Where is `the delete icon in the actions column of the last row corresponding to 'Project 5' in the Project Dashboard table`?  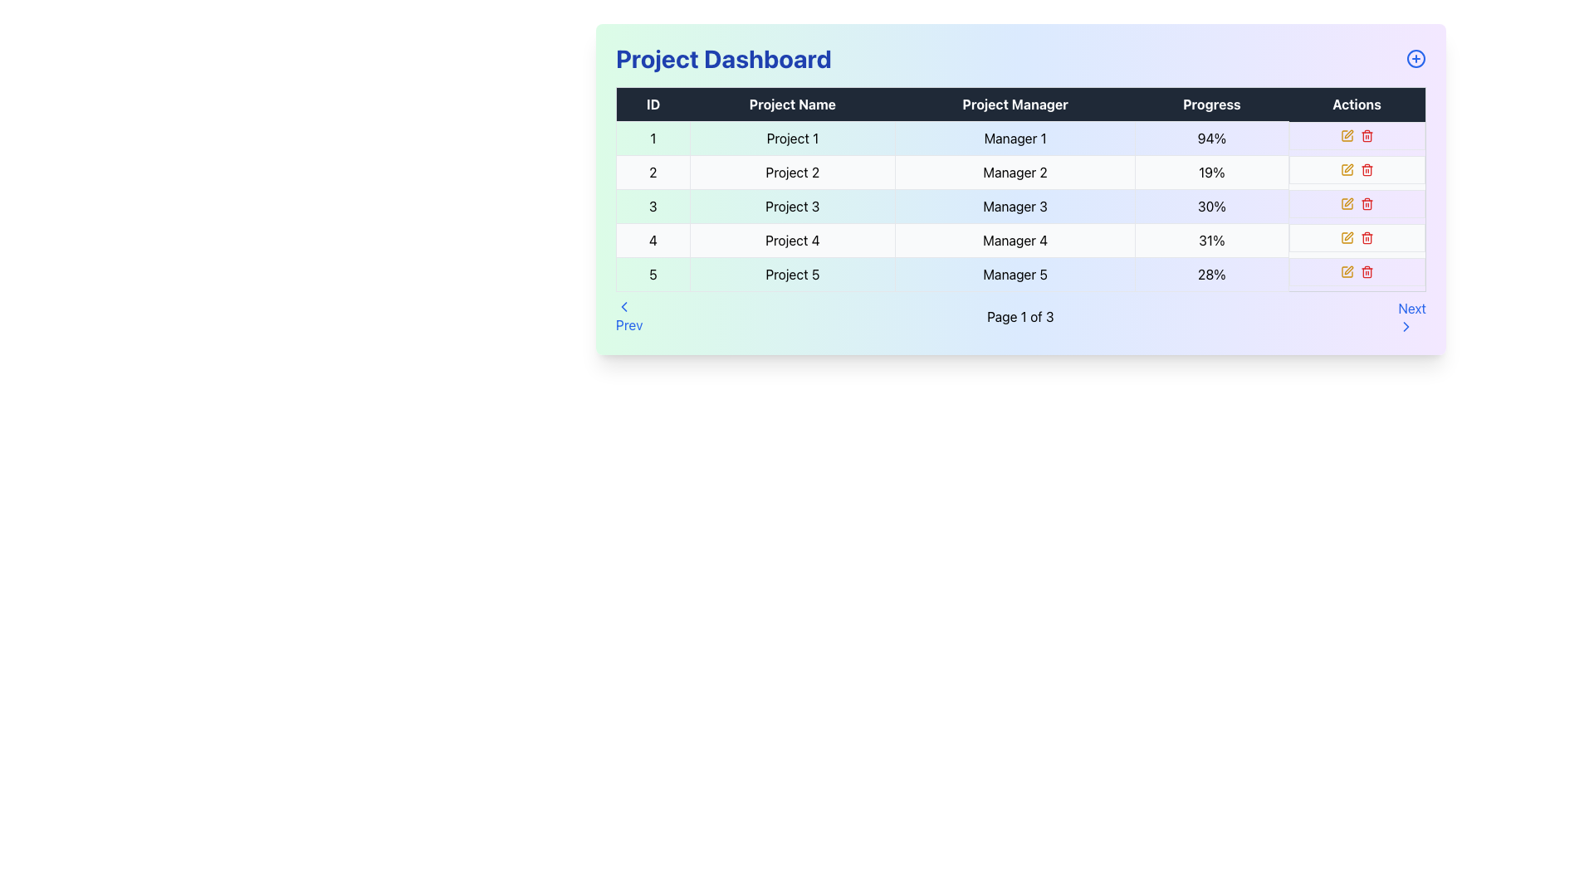 the delete icon in the actions column of the last row corresponding to 'Project 5' in the Project Dashboard table is located at coordinates (1357, 270).